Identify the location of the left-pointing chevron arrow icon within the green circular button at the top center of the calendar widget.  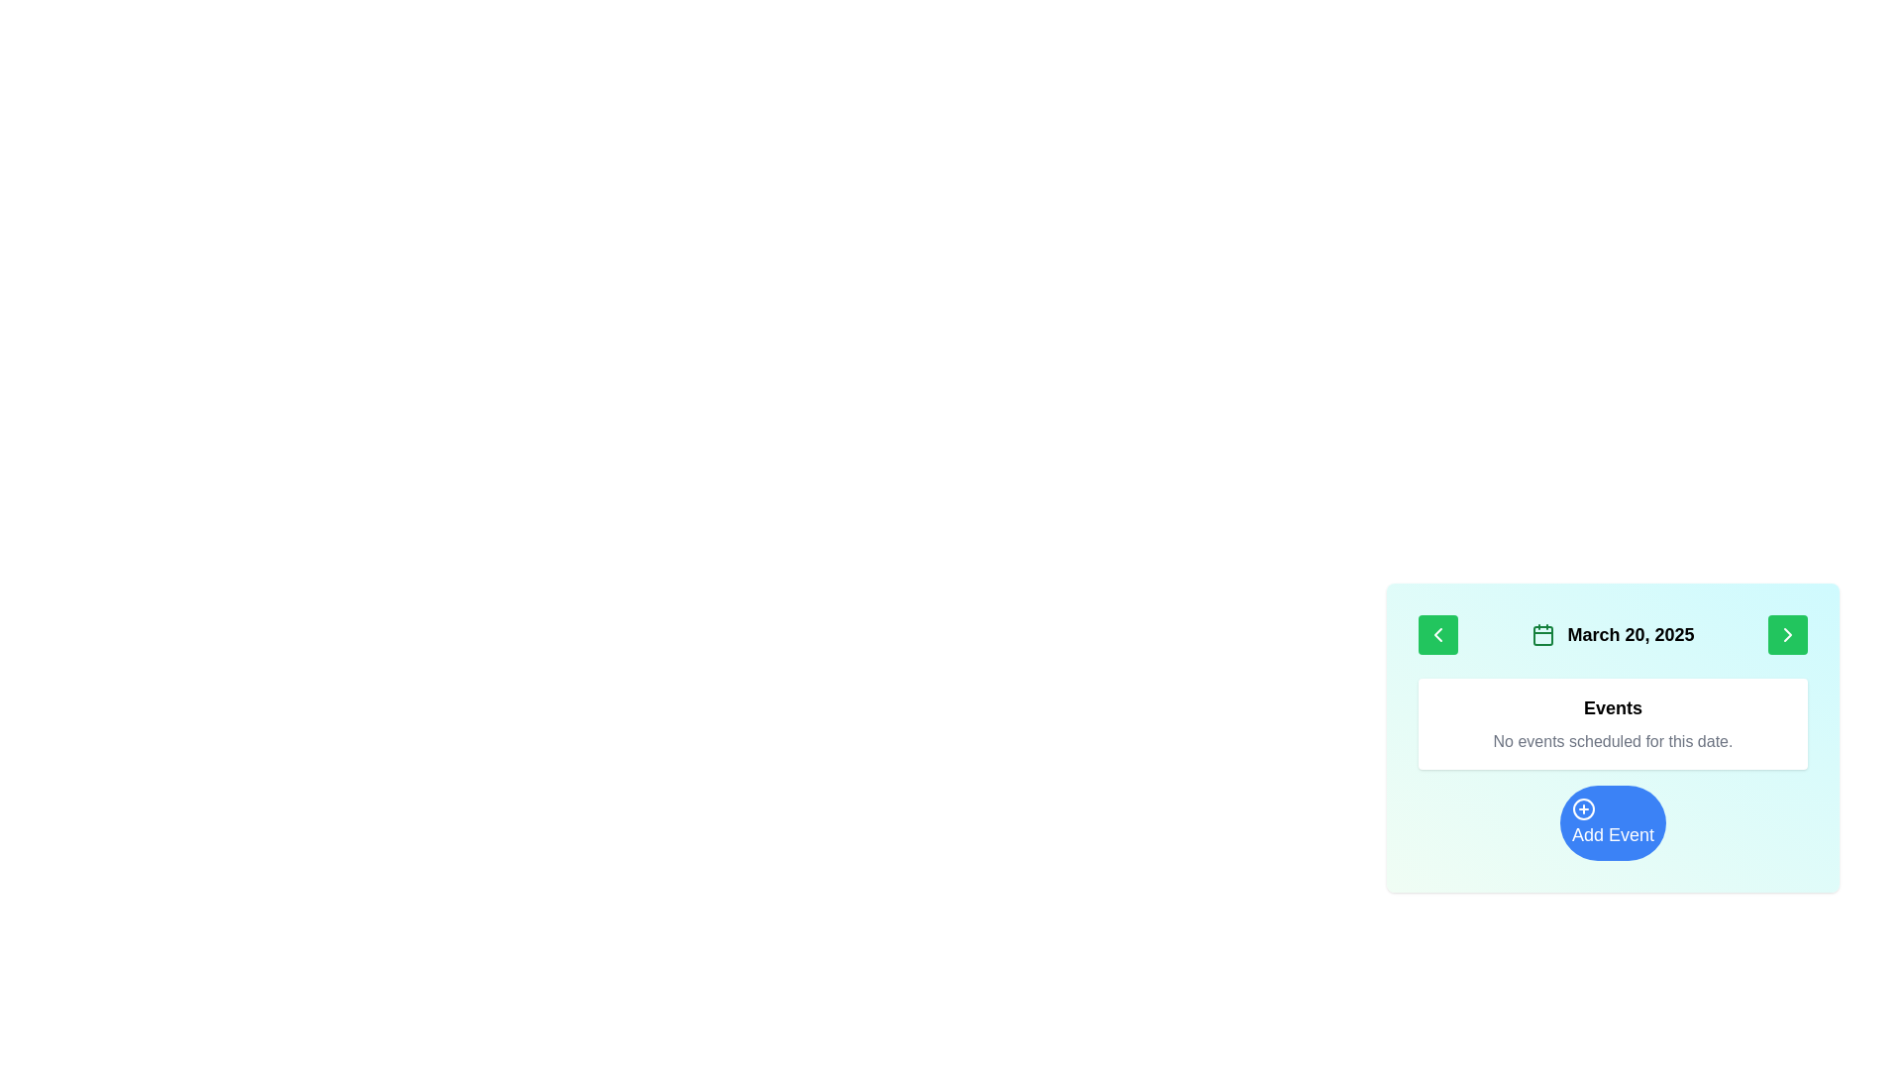
(1437, 634).